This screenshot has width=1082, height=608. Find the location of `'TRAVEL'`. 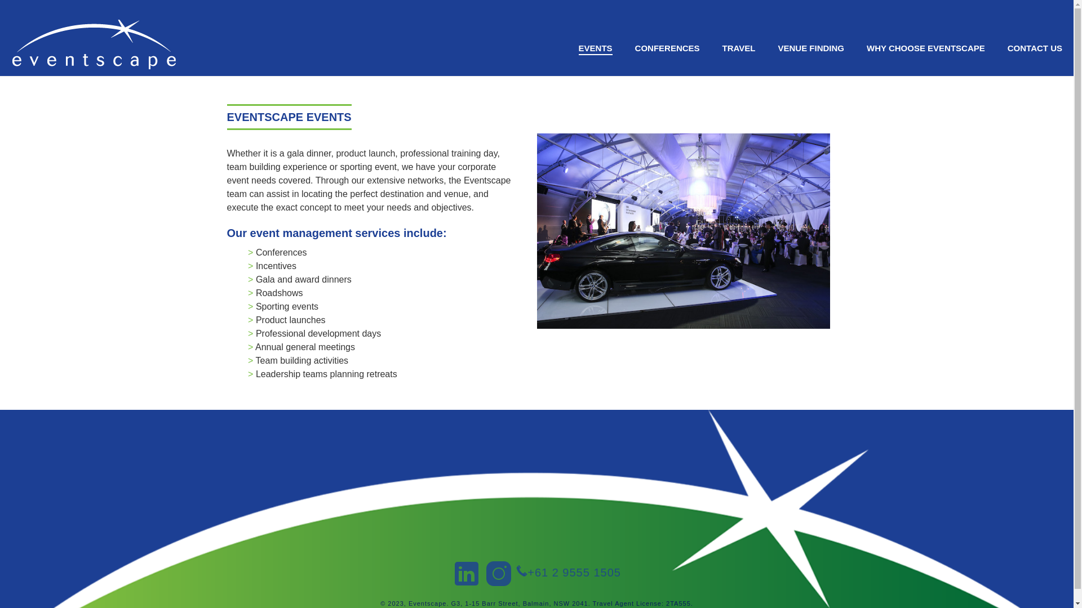

'TRAVEL' is located at coordinates (739, 47).